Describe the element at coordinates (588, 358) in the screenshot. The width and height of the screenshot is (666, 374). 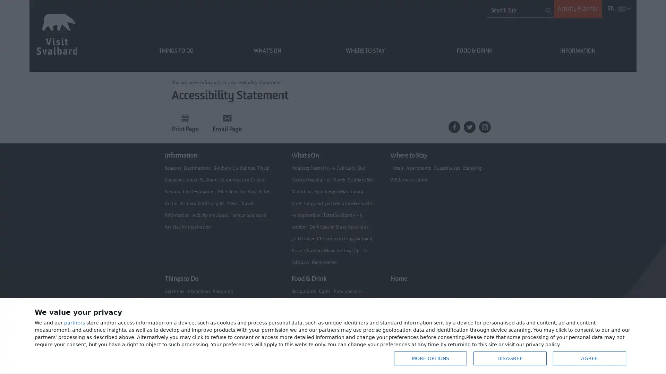
I see `AGREE` at that location.